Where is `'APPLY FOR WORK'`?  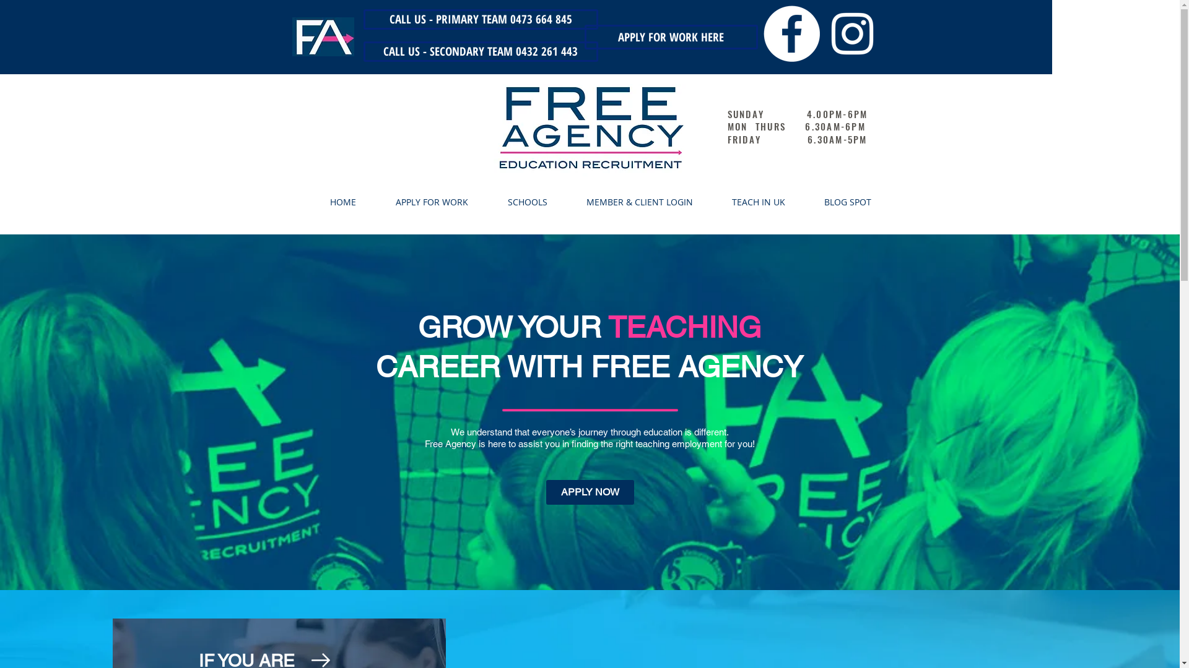 'APPLY FOR WORK' is located at coordinates (365, 201).